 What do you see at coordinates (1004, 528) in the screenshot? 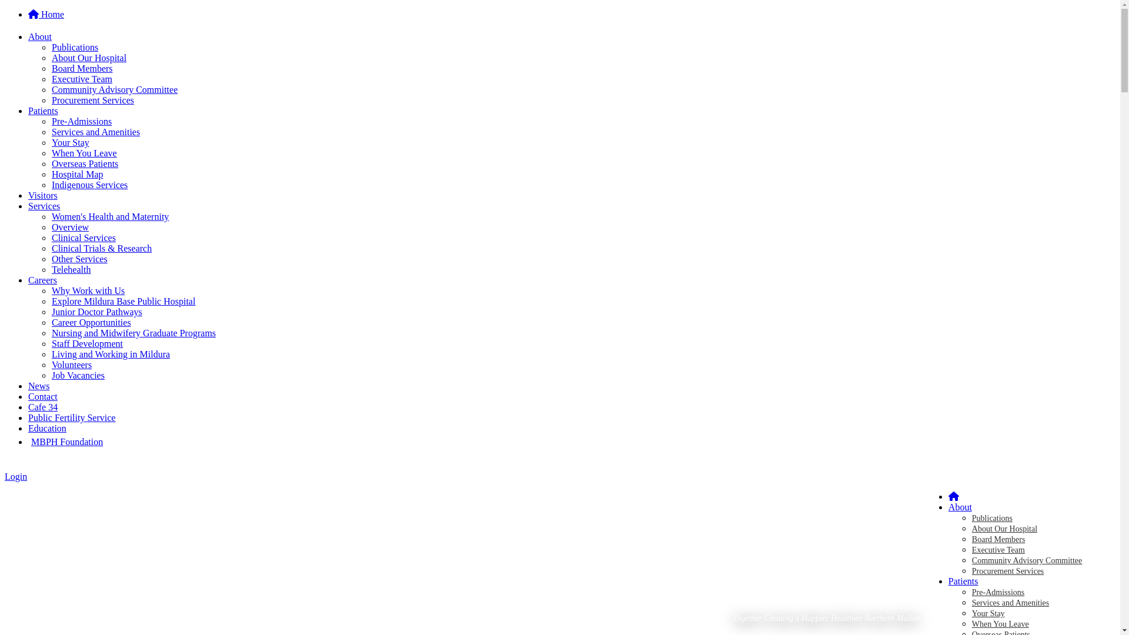
I see `'About Our Hospital'` at bounding box center [1004, 528].